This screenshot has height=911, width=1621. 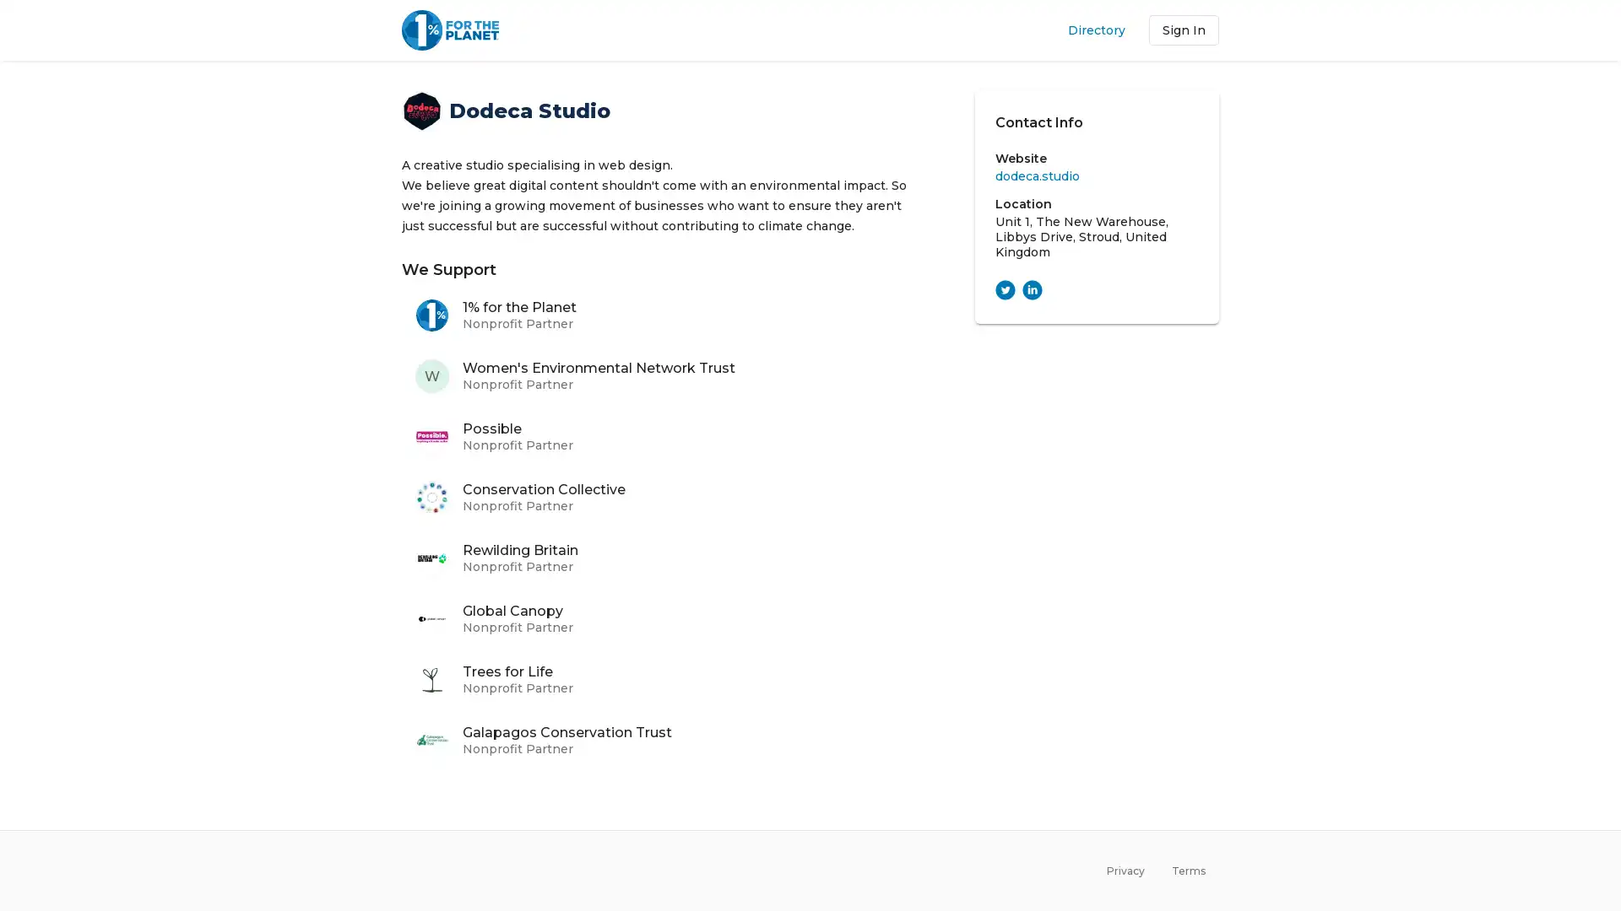 What do you see at coordinates (1183, 30) in the screenshot?
I see `Sign In` at bounding box center [1183, 30].